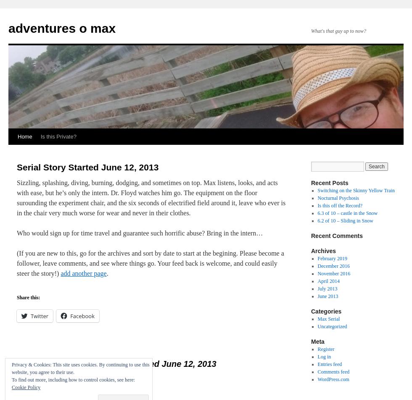  What do you see at coordinates (140, 233) in the screenshot?
I see `'Who would sign up for time travel and guarantee such horrific abuse? Bring in the intern…'` at bounding box center [140, 233].